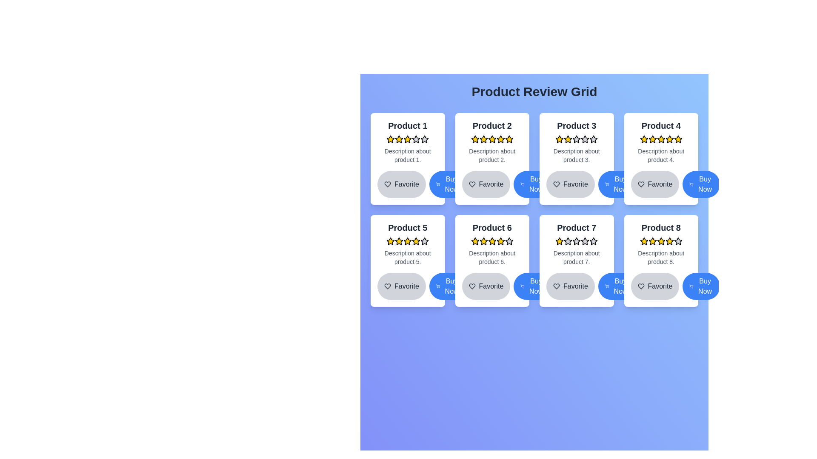  What do you see at coordinates (593, 241) in the screenshot?
I see `the hollow star icon representing a rating unit in the 'Product 7' card of the 'Product Review Grid', indicating it is inactive or unselected` at bounding box center [593, 241].